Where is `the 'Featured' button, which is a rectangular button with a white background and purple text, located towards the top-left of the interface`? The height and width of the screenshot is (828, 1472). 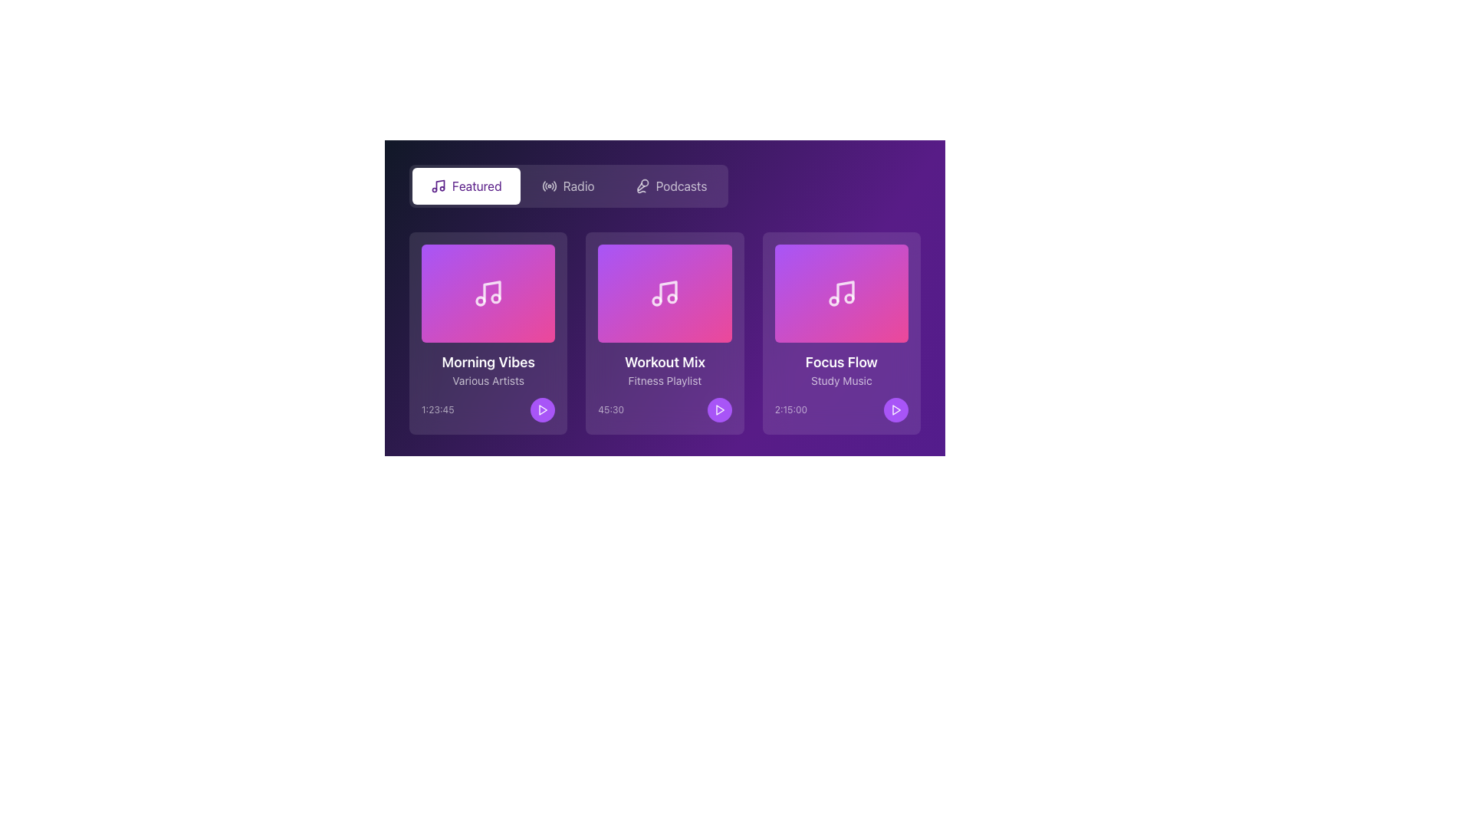 the 'Featured' button, which is a rectangular button with a white background and purple text, located towards the top-left of the interface is located at coordinates (465, 186).